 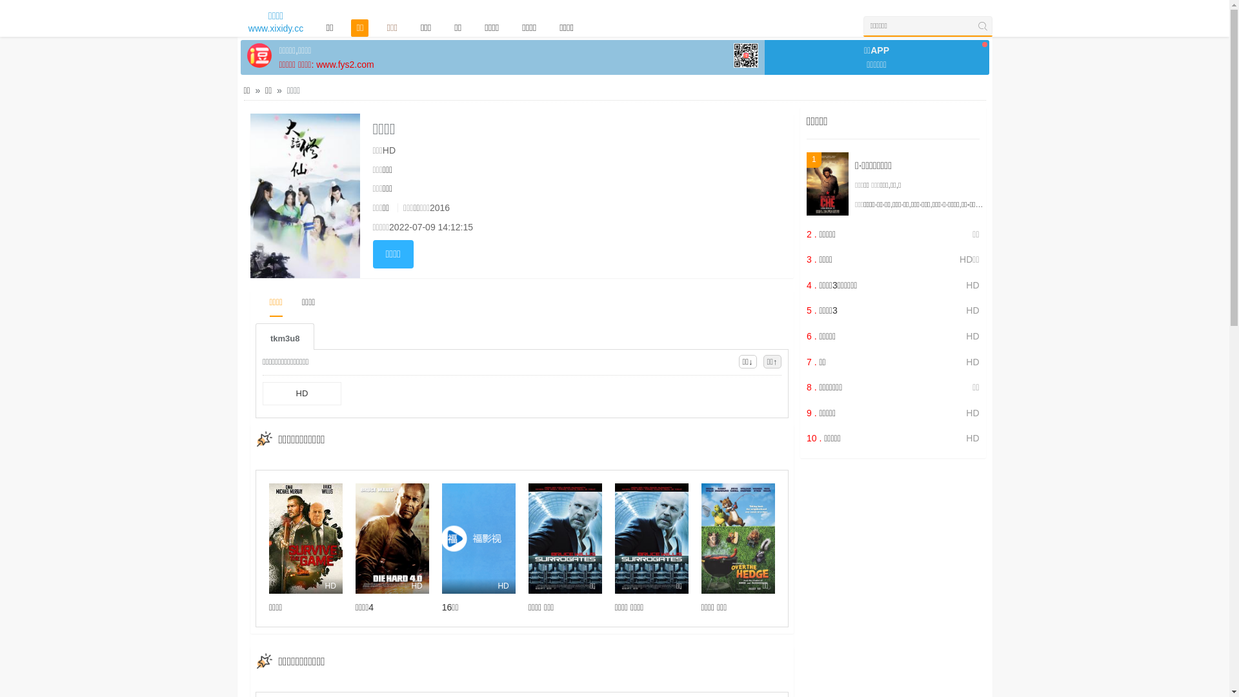 What do you see at coordinates (827, 184) in the screenshot?
I see `'1'` at bounding box center [827, 184].